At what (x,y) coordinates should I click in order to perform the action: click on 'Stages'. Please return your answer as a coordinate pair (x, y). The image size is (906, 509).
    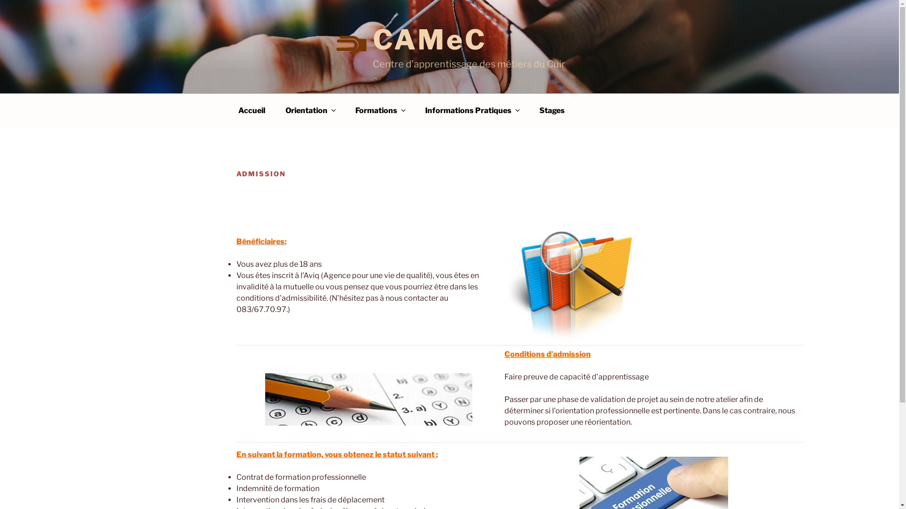
    Looking at the image, I should click on (552, 110).